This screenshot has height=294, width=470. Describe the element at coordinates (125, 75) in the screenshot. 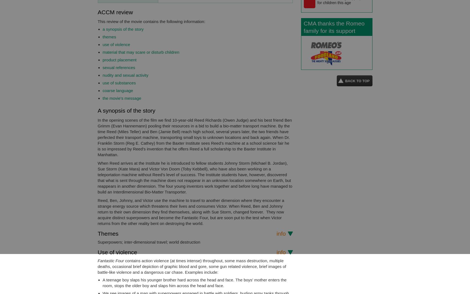

I see `'nudity and sexual activity'` at that location.